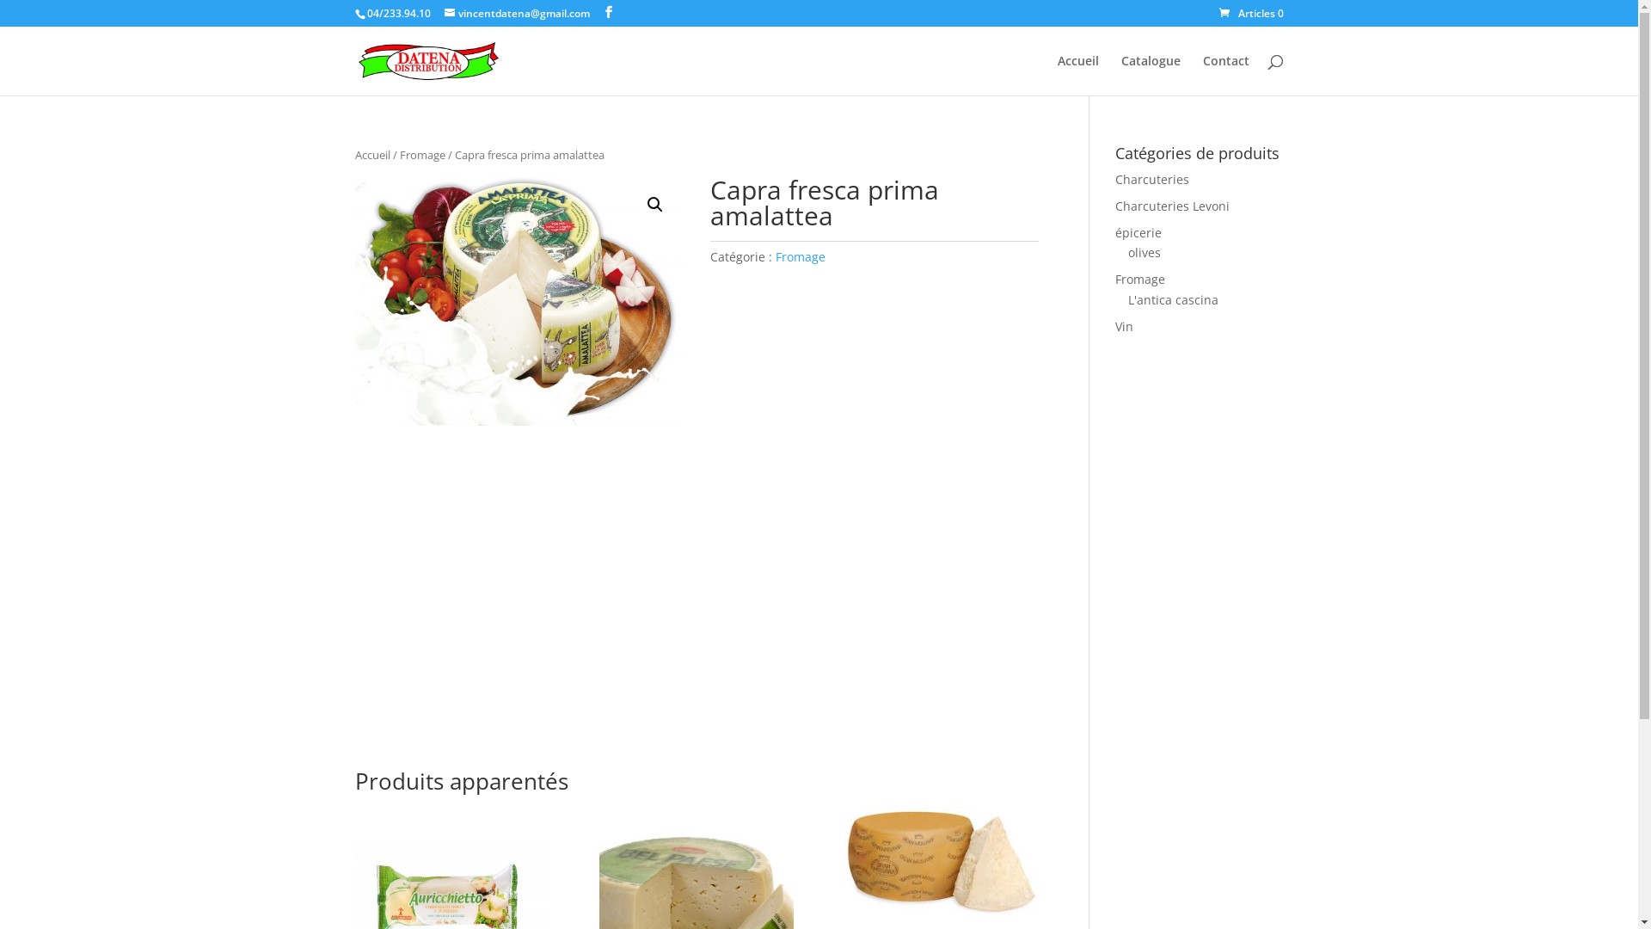 This screenshot has width=1651, height=929. What do you see at coordinates (1114, 326) in the screenshot?
I see `'Vin'` at bounding box center [1114, 326].